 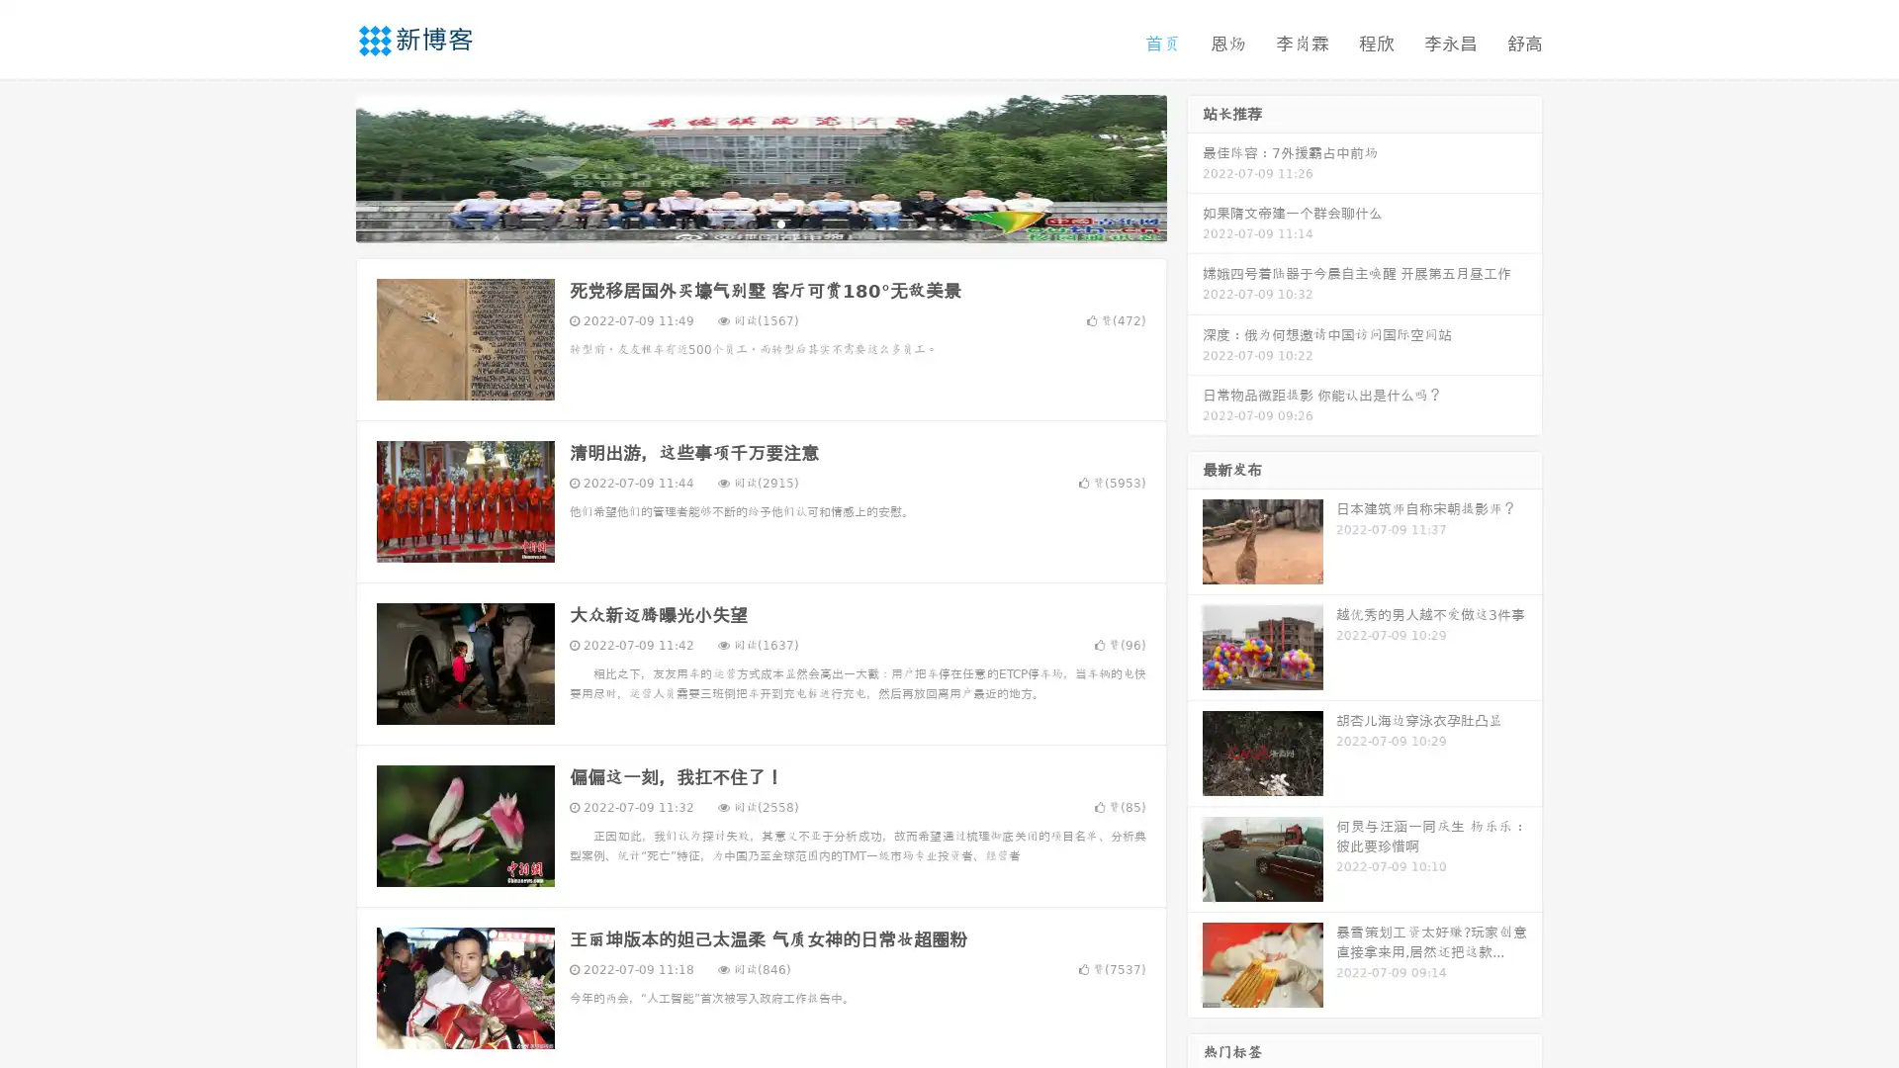 I want to click on Go to slide 2, so click(x=760, y=222).